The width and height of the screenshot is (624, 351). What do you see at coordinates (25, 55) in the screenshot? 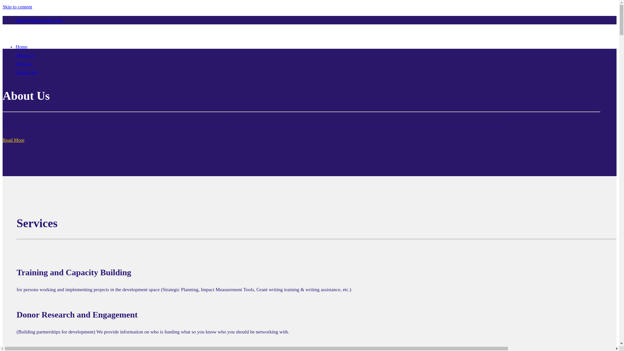
I see `'About Us'` at bounding box center [25, 55].